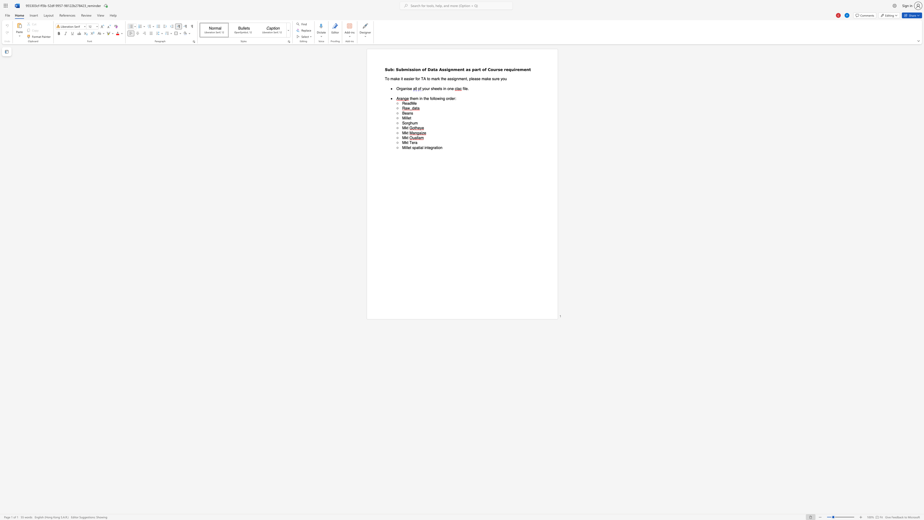 This screenshot has height=520, width=924. I want to click on the 1th character "t" in the text, so click(410, 147).